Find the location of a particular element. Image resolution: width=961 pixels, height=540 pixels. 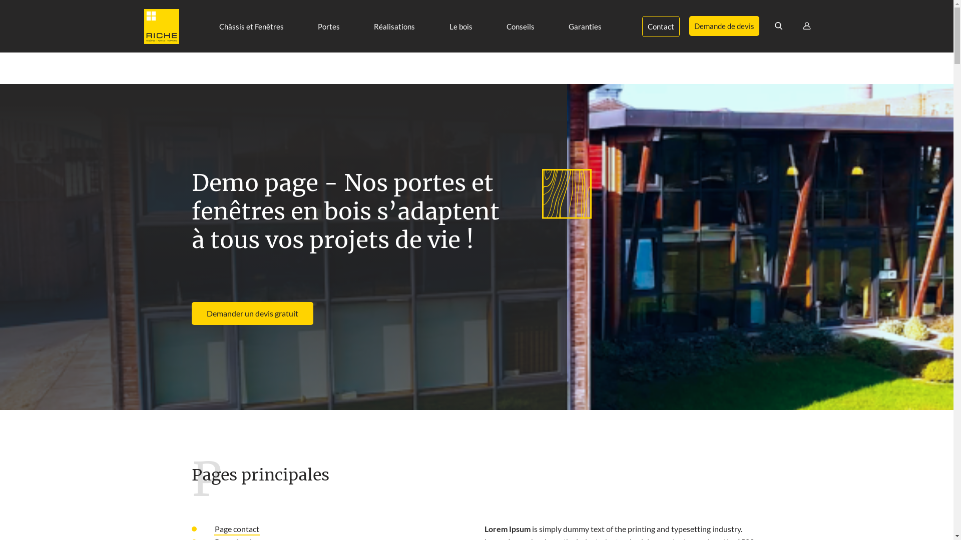

'Demande de devis' is located at coordinates (688, 25).